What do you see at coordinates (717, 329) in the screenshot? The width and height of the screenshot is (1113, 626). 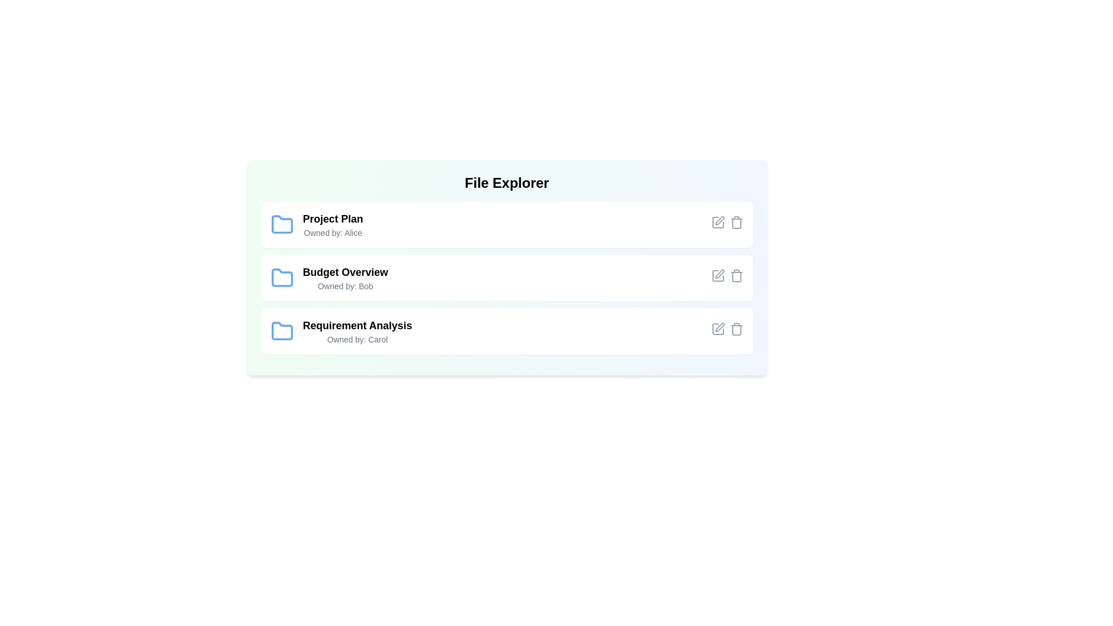 I see `the edit icon for the file named Requirement Analysis` at bounding box center [717, 329].